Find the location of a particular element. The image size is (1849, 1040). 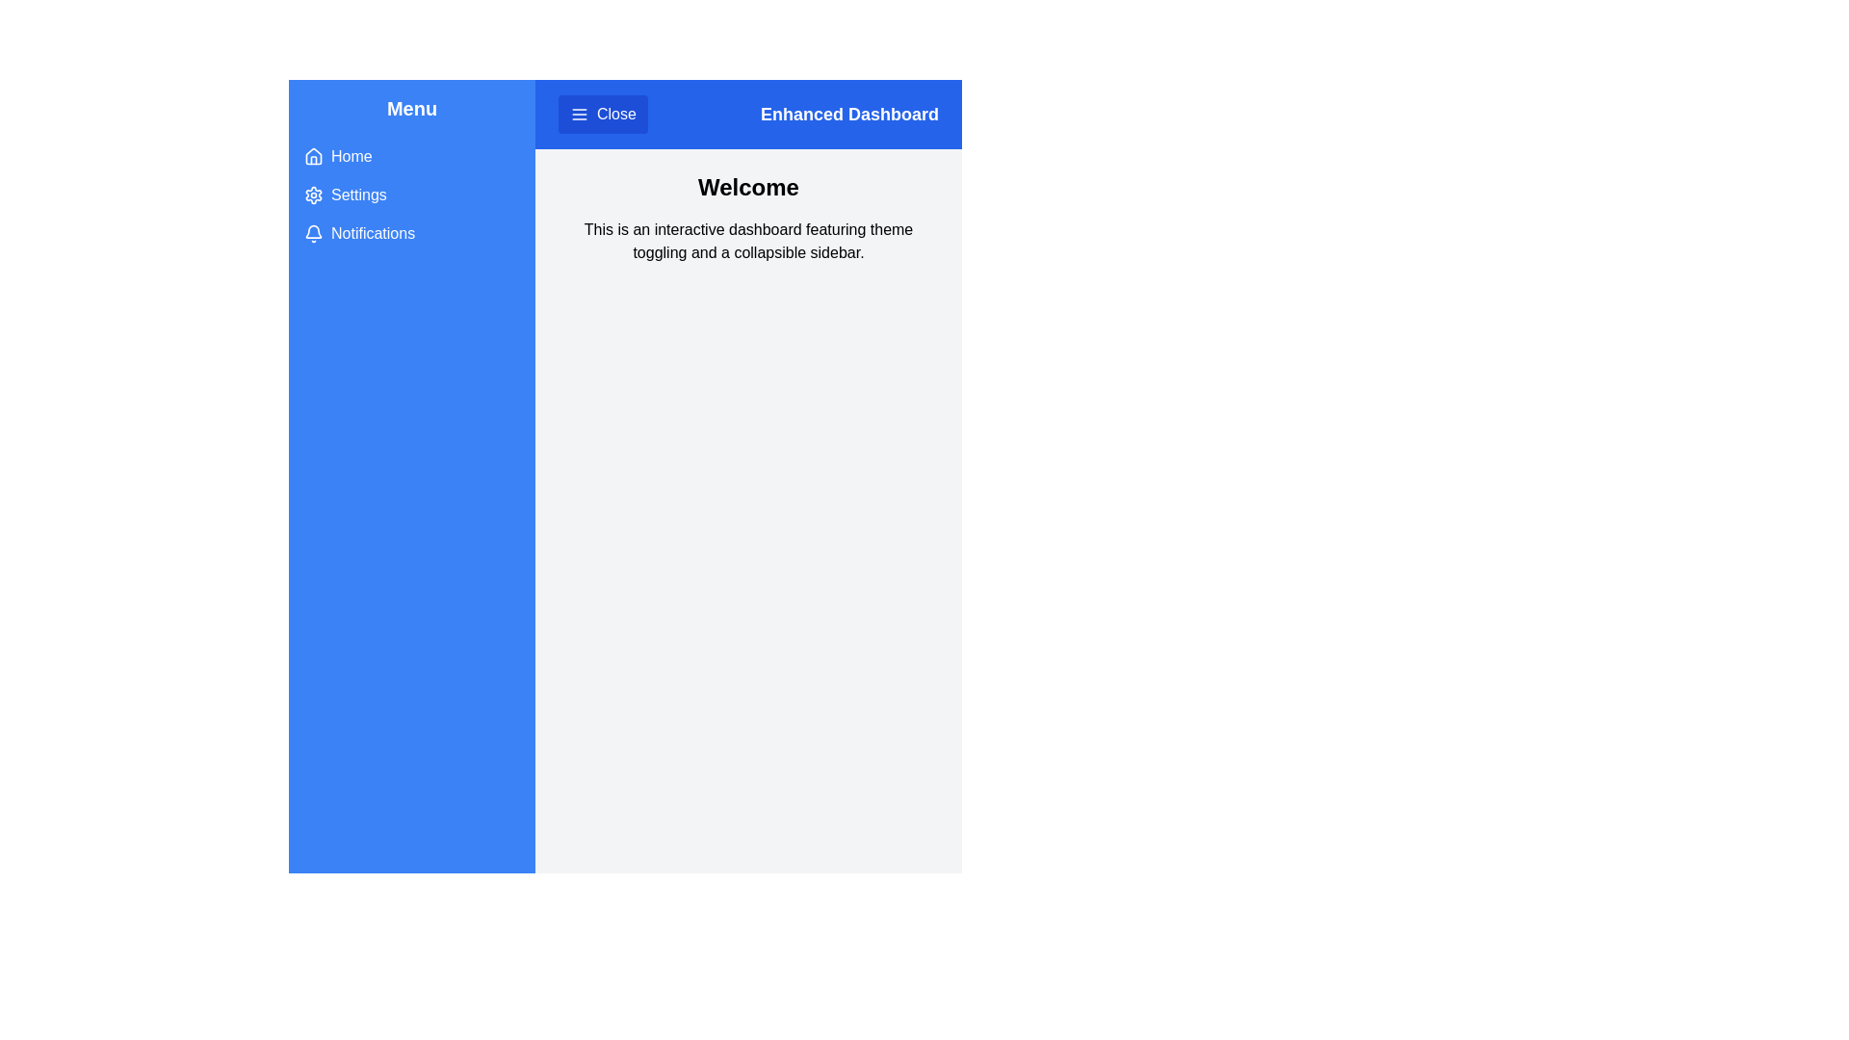

the bold, large-sized header text reading 'Welcome' which is styled in contrasting colors based on the theme and positioned near the top of the central content pane is located at coordinates (747, 188).